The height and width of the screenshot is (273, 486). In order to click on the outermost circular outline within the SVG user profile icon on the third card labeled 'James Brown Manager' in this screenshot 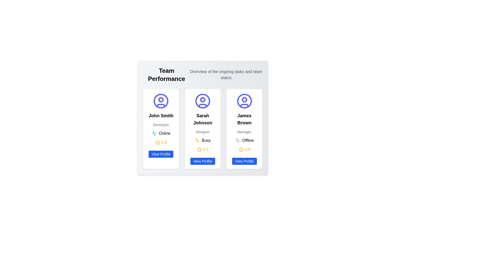, I will do `click(244, 101)`.